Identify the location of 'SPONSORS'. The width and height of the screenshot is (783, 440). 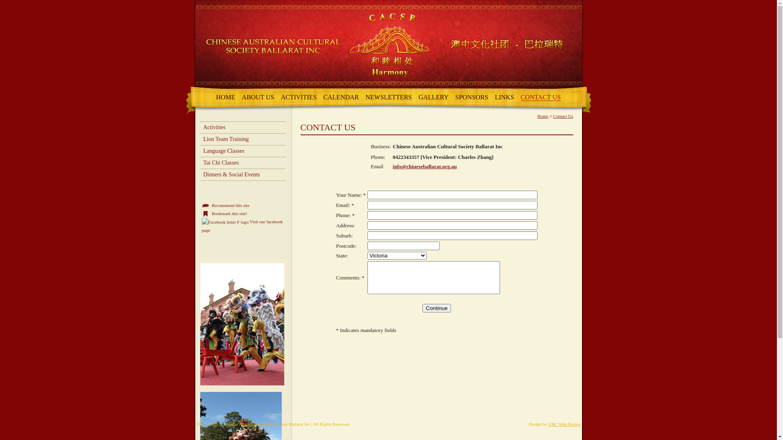
(471, 97).